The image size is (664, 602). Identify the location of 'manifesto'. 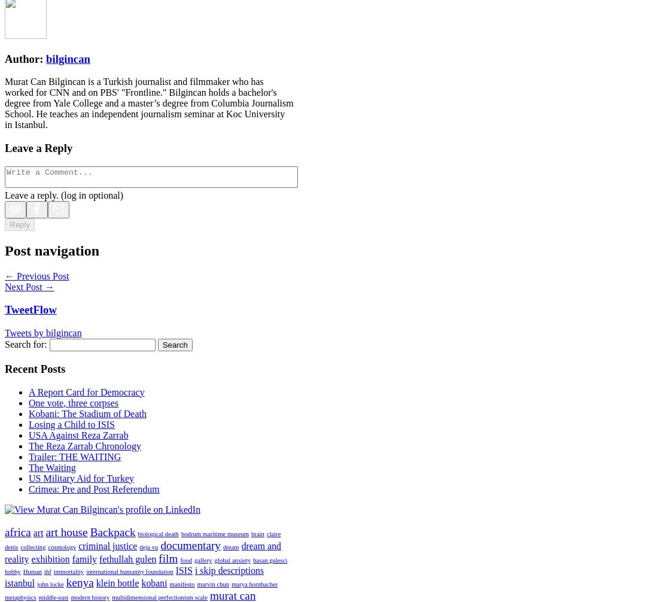
(181, 583).